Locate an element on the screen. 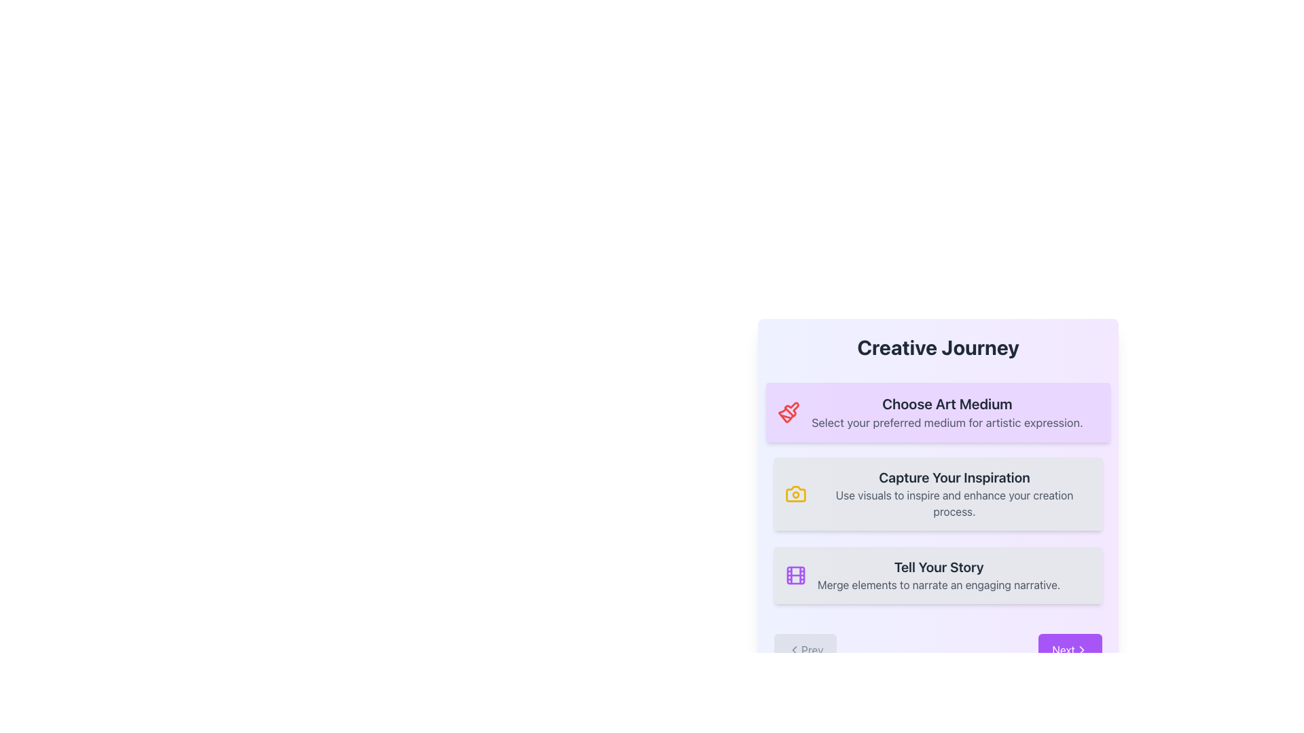  the textual display element that guides users to select their preferred medium for artistic expression, positioned as the first item under the 'Creative Journey' section is located at coordinates (937, 494).